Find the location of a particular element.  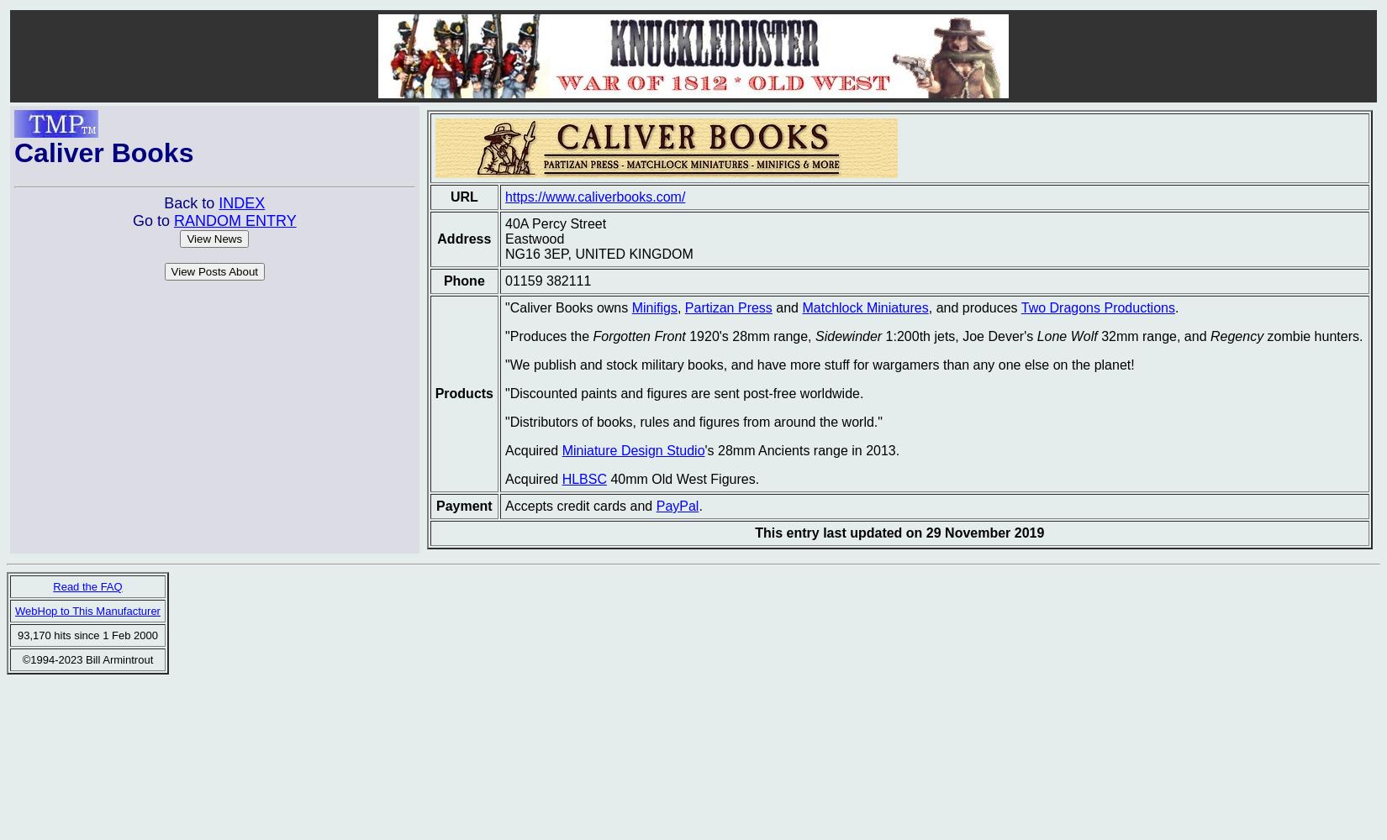

'Eastwood' is located at coordinates (534, 239).